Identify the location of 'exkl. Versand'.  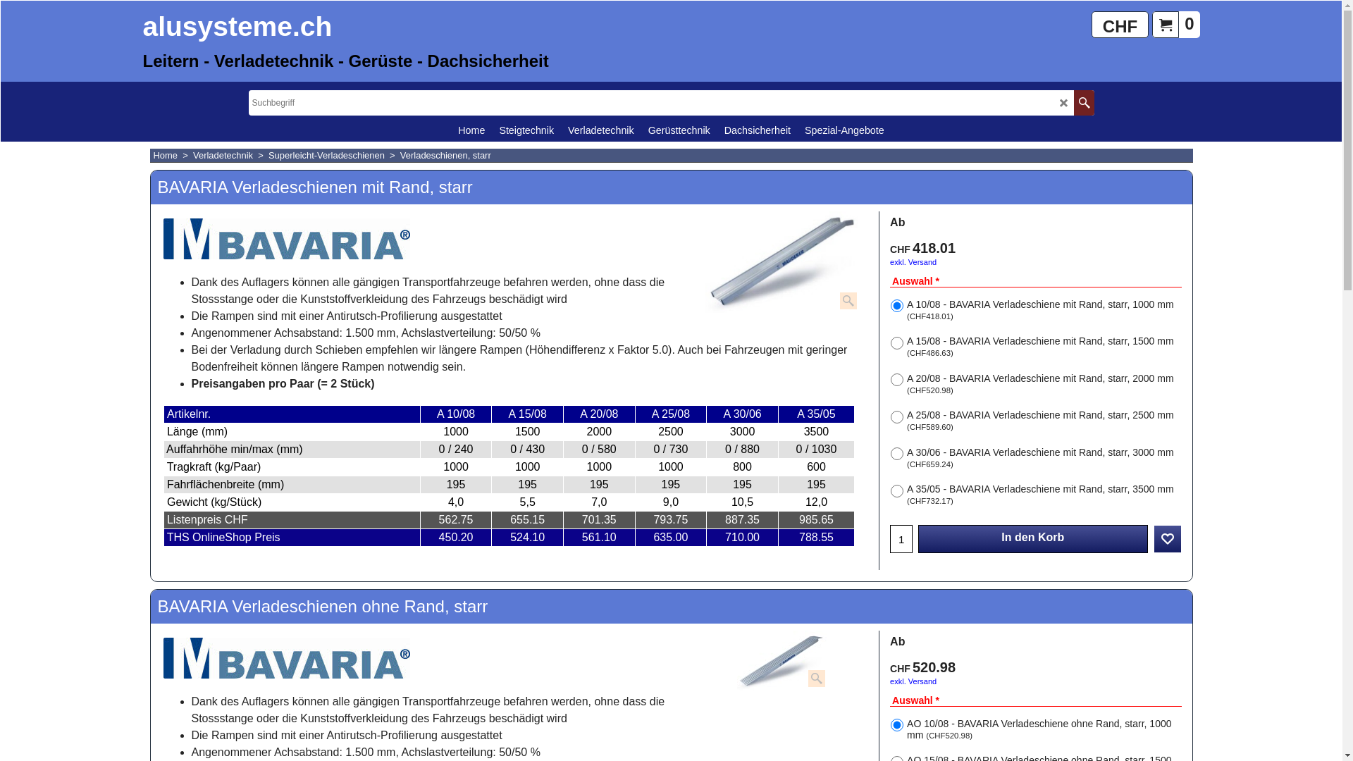
(913, 261).